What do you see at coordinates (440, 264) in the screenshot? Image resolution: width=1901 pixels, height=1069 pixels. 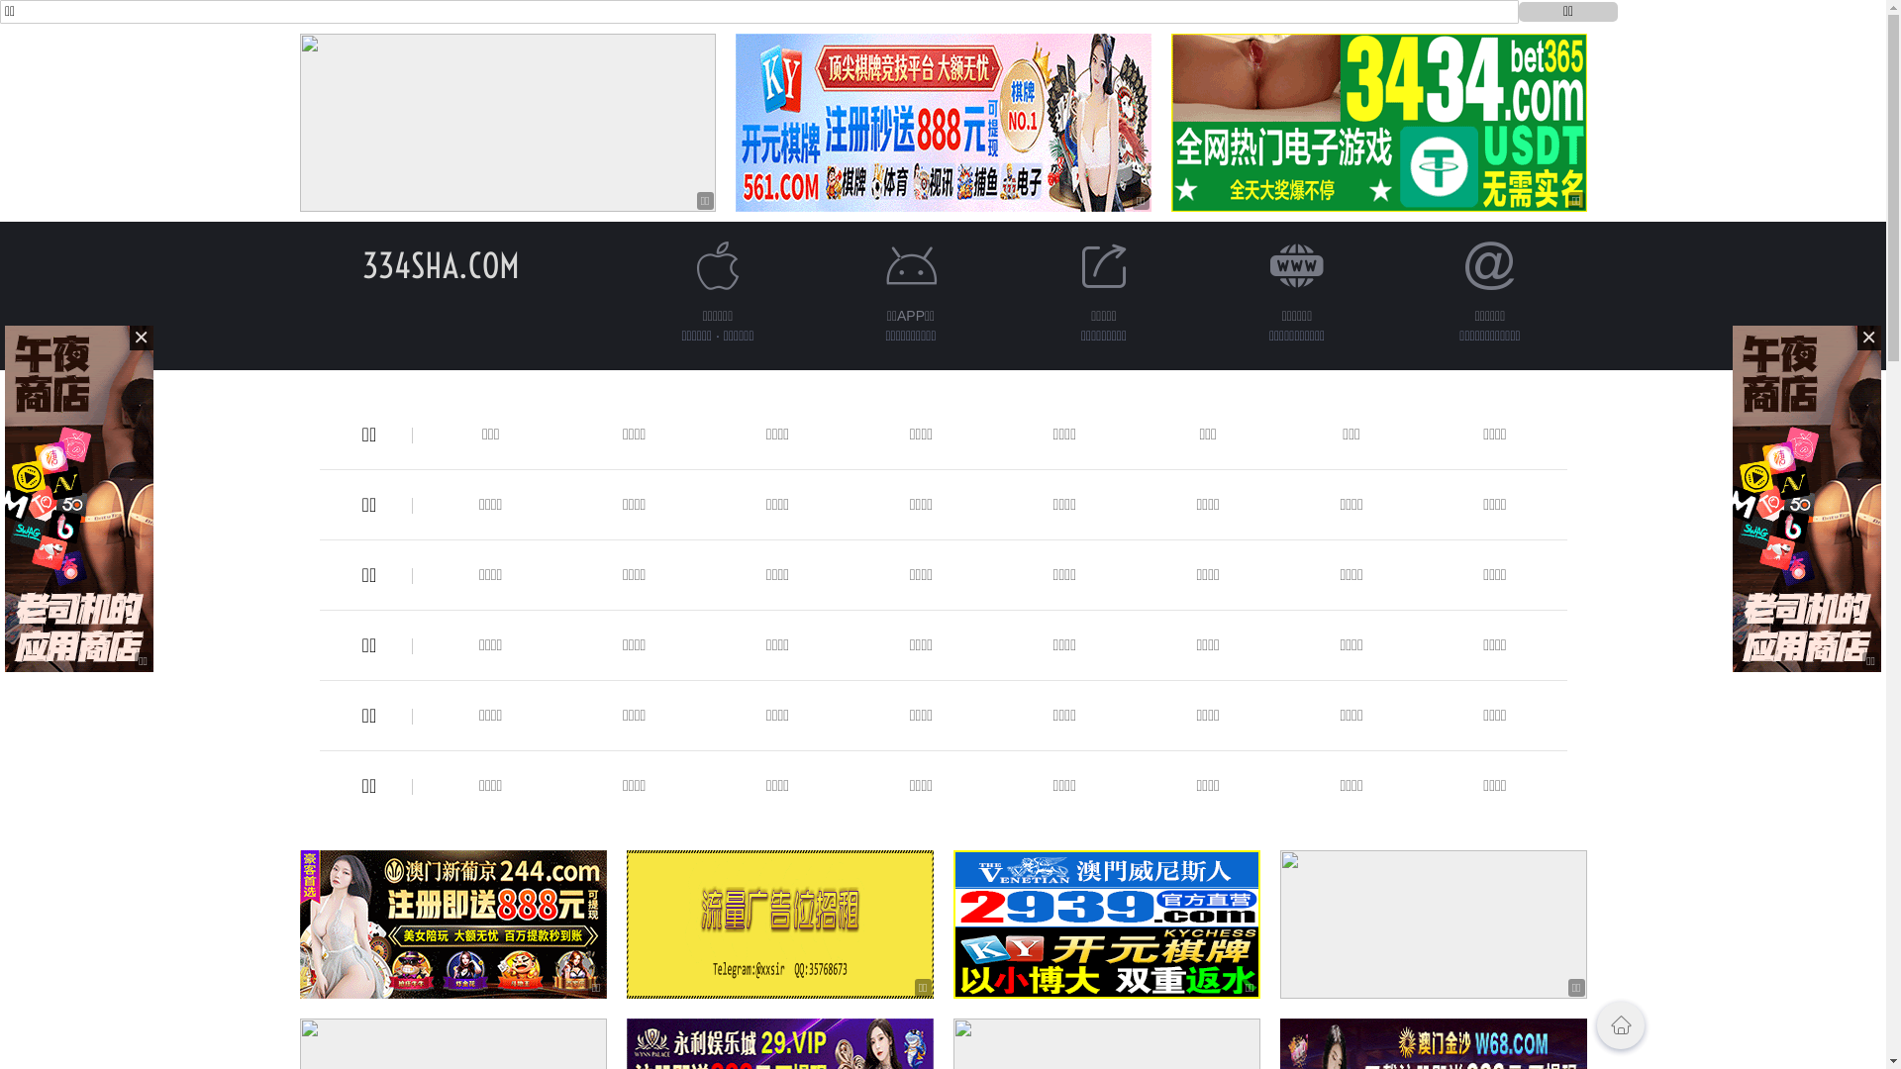 I see `'334SHA.COM'` at bounding box center [440, 264].